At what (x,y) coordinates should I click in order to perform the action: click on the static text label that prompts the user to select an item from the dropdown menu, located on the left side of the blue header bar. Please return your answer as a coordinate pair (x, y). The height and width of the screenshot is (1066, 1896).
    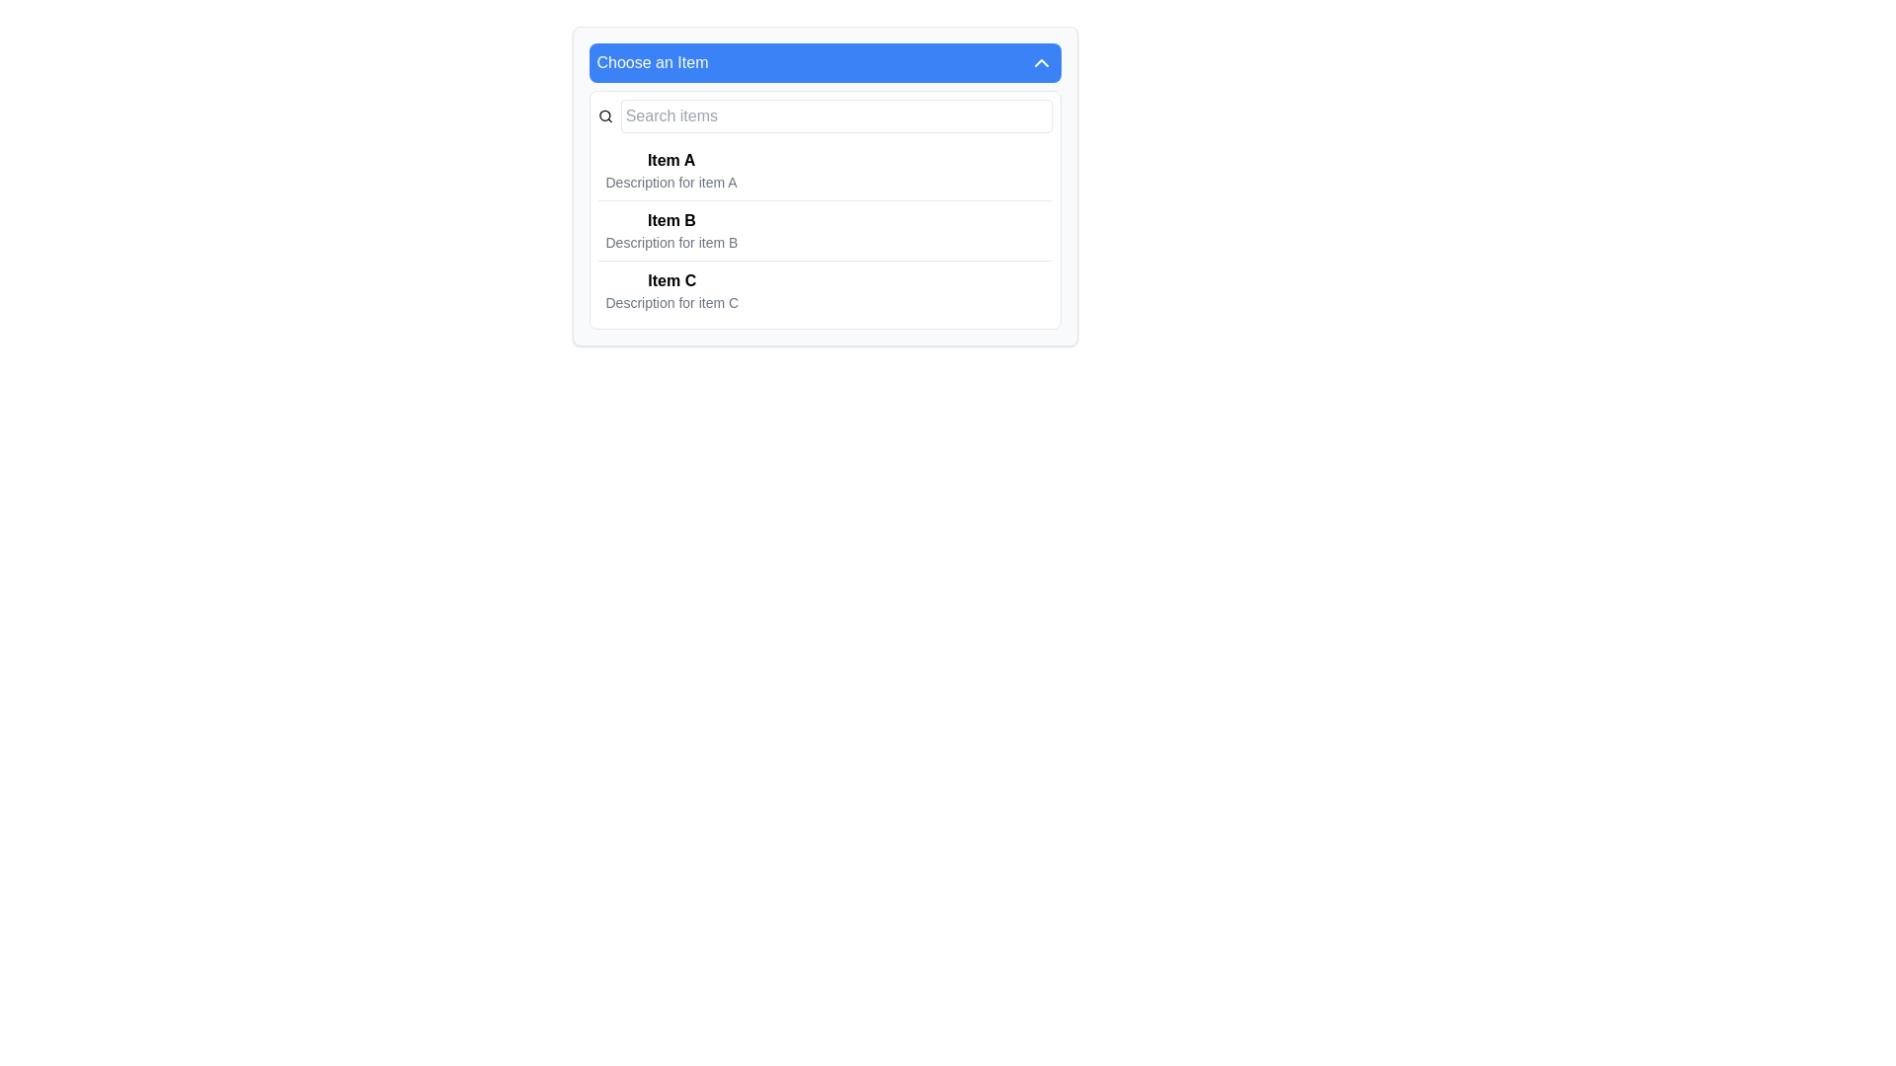
    Looking at the image, I should click on (653, 62).